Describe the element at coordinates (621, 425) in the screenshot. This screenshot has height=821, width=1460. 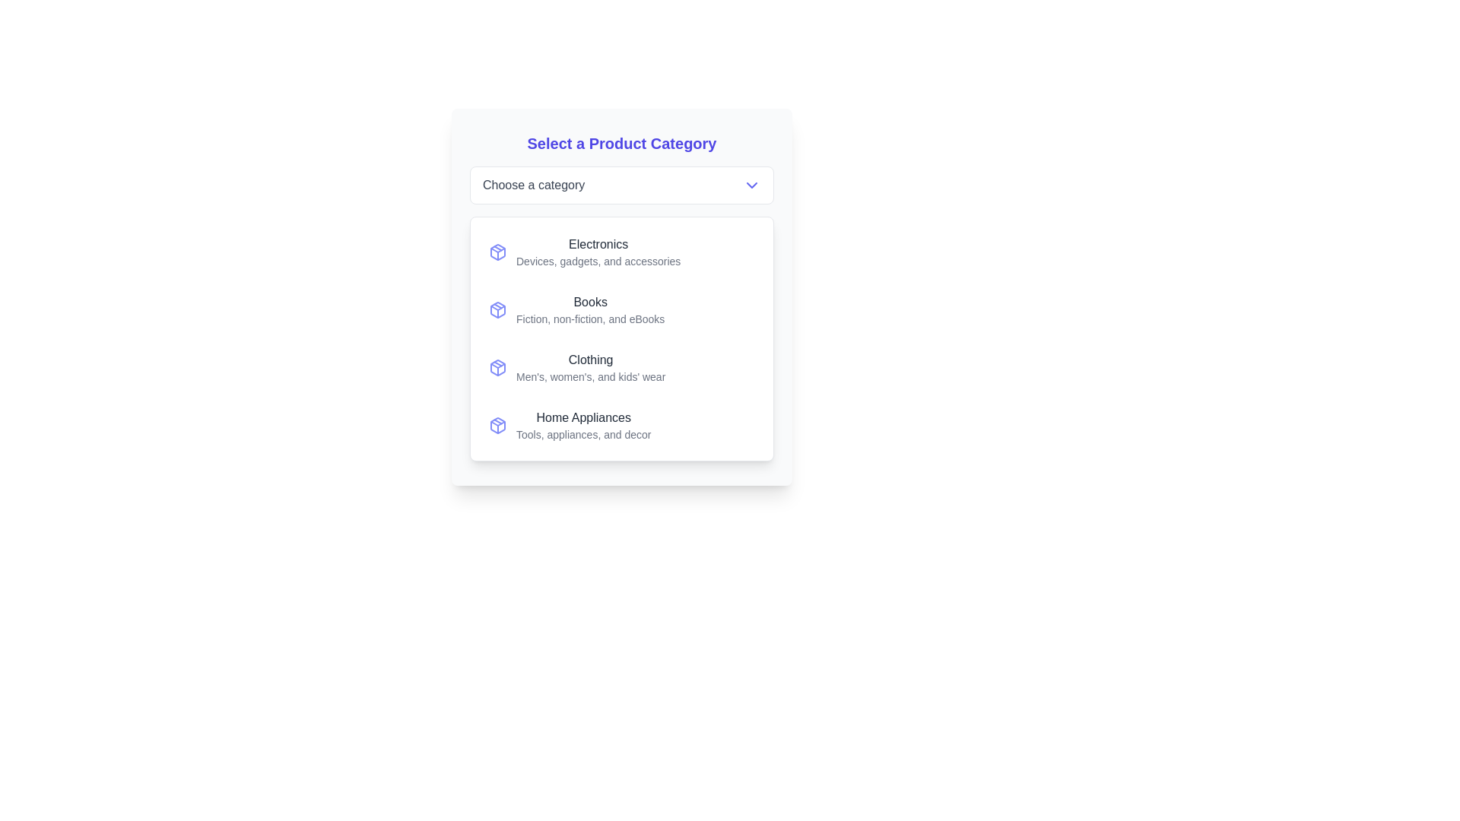
I see `to select the 'Home Appliances' category from the list item entry that includes the title in bold and a description below it, with an accompanying package icon on the left` at that location.